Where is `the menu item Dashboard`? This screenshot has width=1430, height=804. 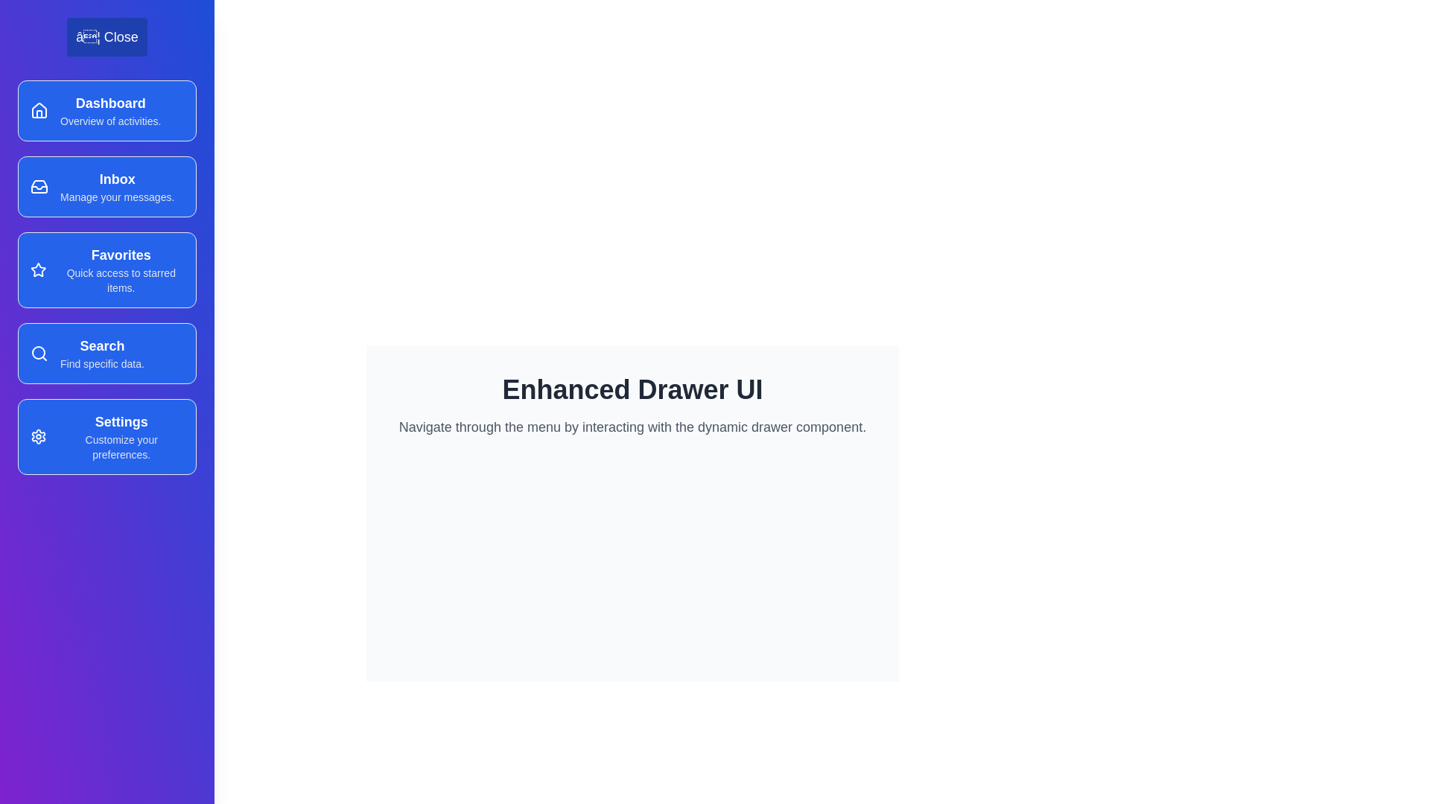 the menu item Dashboard is located at coordinates (107, 110).